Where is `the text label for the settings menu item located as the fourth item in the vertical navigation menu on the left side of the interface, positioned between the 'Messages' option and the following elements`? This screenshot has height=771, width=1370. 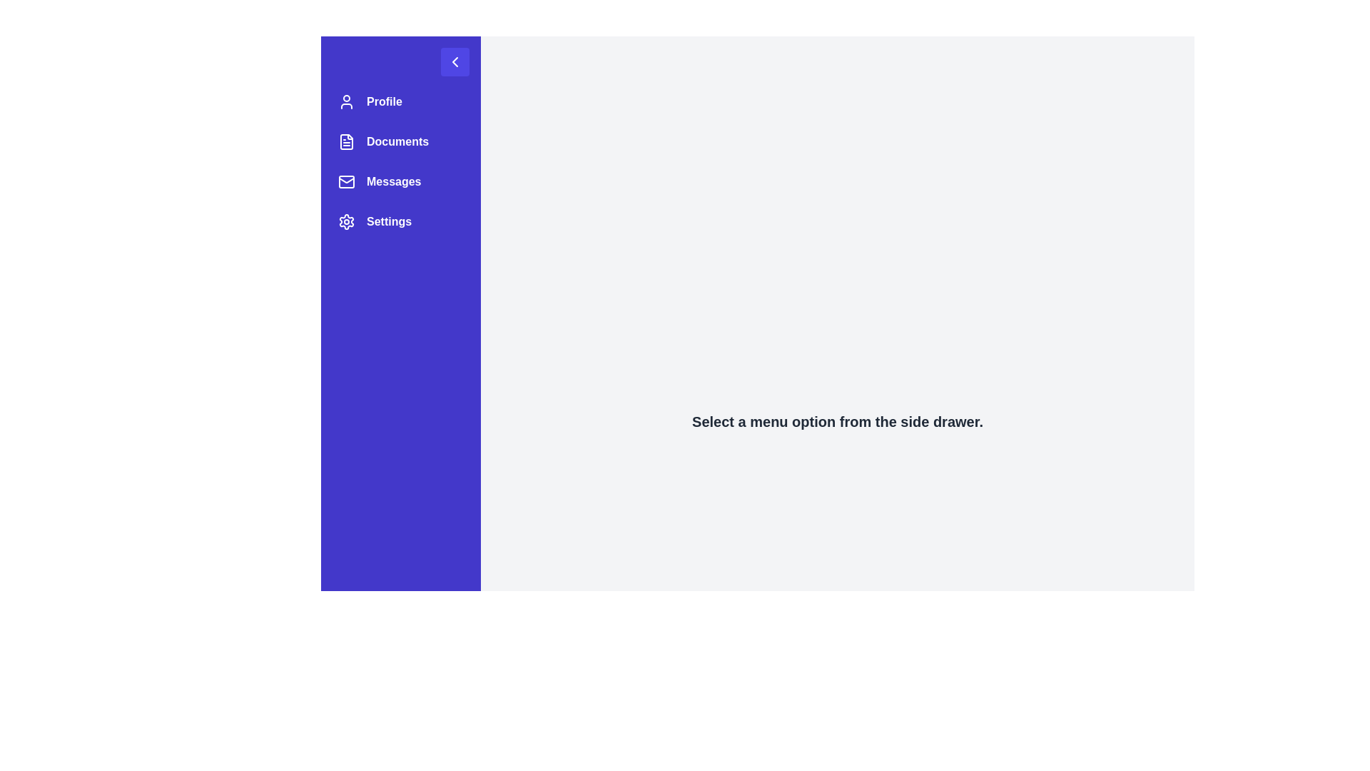 the text label for the settings menu item located as the fourth item in the vertical navigation menu on the left side of the interface, positioned between the 'Messages' option and the following elements is located at coordinates (389, 222).